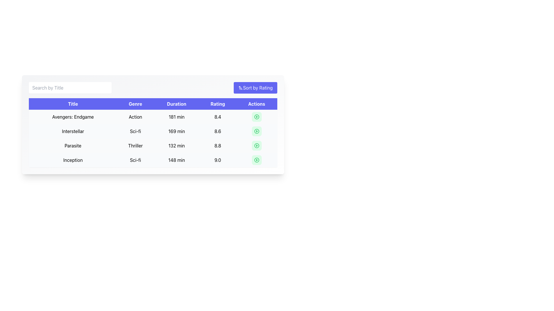 This screenshot has width=554, height=311. I want to click on the Text Label displaying the movie title 'Inception', which is located in the first cell of the last row of the table, directly below 'Parasite', so click(73, 160).